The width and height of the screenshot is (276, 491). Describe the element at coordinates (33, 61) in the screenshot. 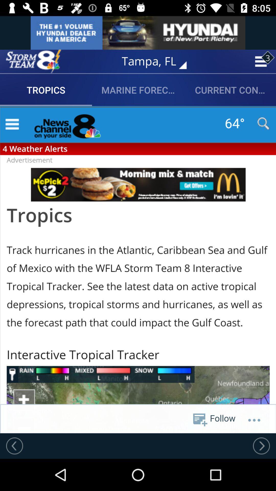

I see `homepage` at that location.